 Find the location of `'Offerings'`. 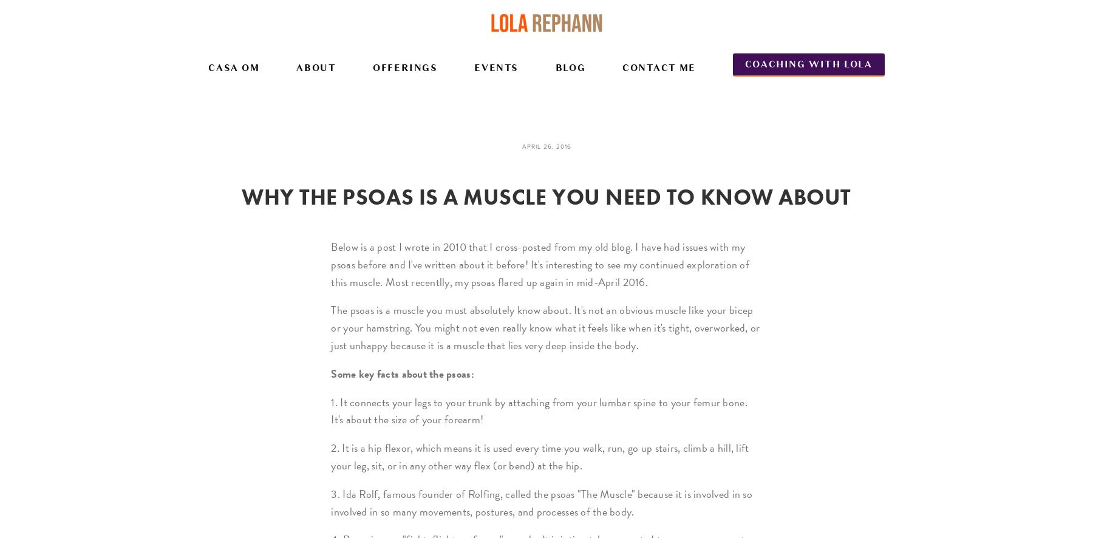

'Offerings' is located at coordinates (405, 67).